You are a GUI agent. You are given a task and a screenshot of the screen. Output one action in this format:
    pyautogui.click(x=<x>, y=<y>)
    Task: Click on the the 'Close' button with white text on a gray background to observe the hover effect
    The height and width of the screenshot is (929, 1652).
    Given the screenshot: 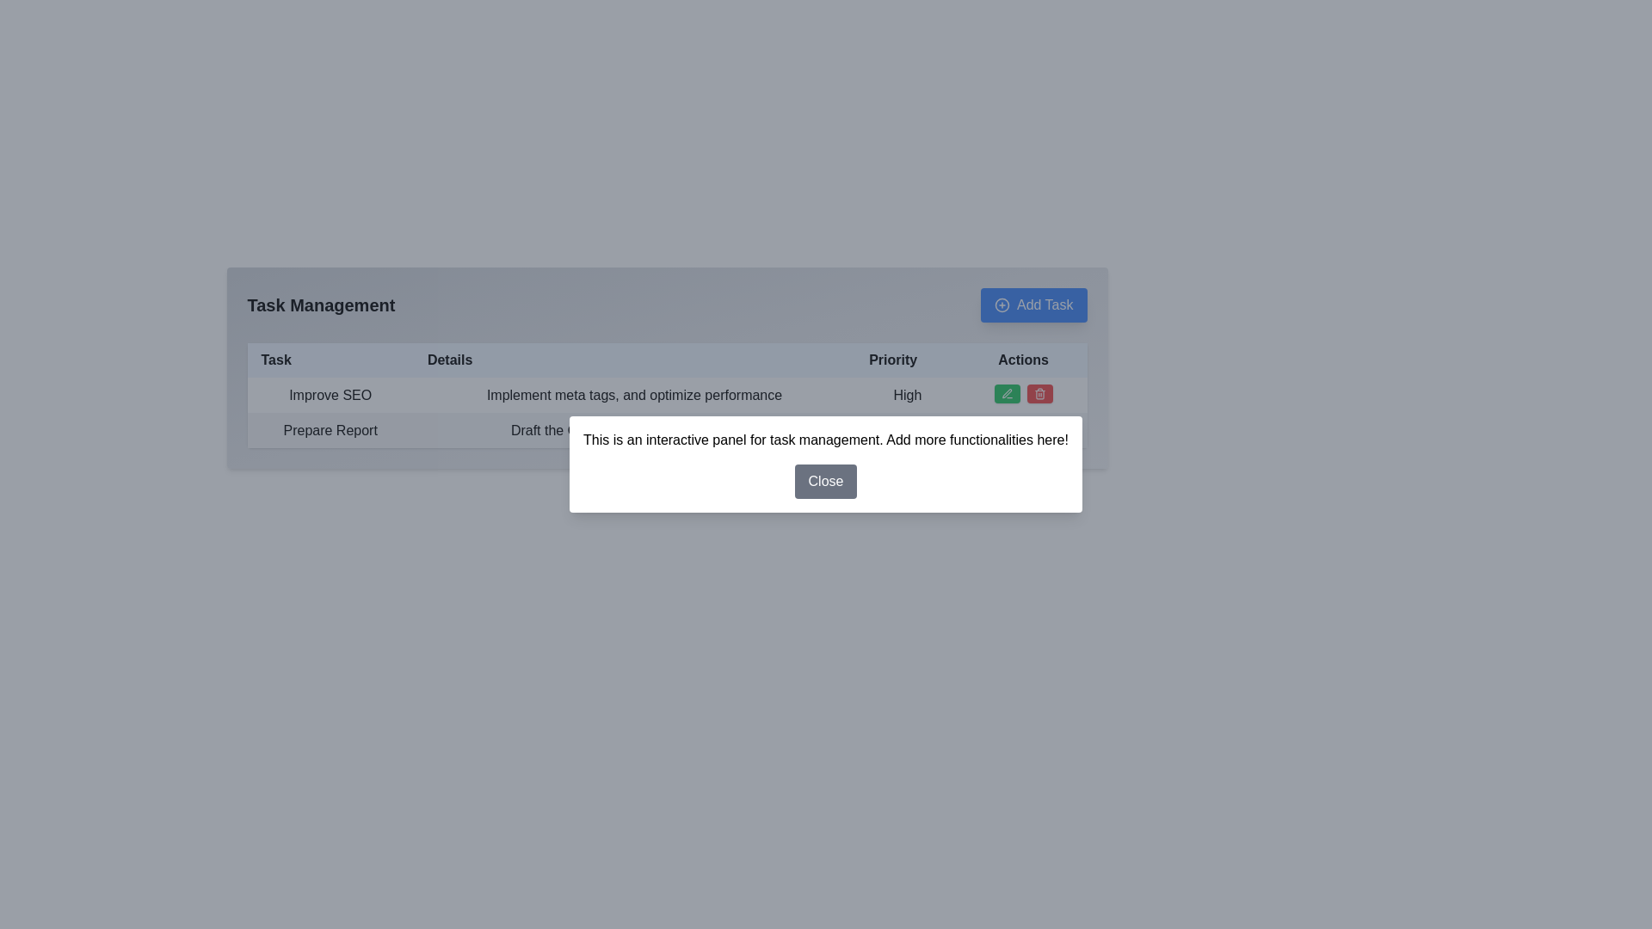 What is the action you would take?
    pyautogui.click(x=826, y=481)
    